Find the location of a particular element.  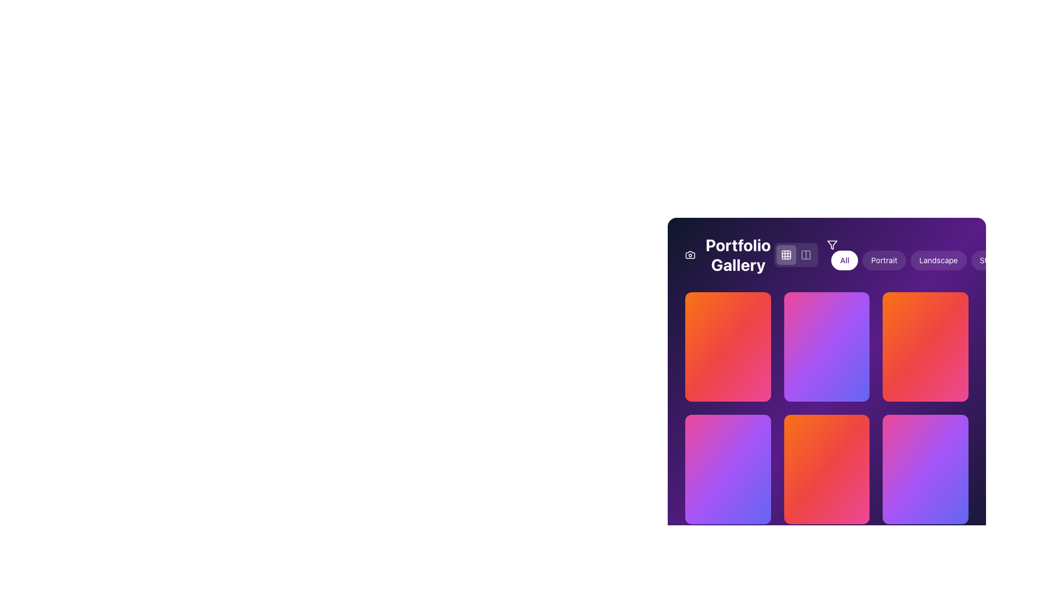

the grid icon button located in the upper-right section of the interface is located at coordinates (786, 255).